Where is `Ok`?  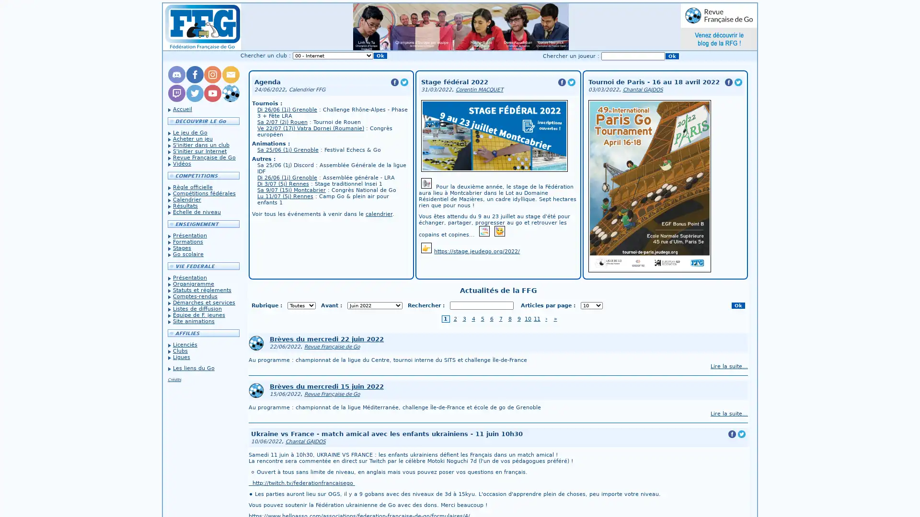 Ok is located at coordinates (379, 56).